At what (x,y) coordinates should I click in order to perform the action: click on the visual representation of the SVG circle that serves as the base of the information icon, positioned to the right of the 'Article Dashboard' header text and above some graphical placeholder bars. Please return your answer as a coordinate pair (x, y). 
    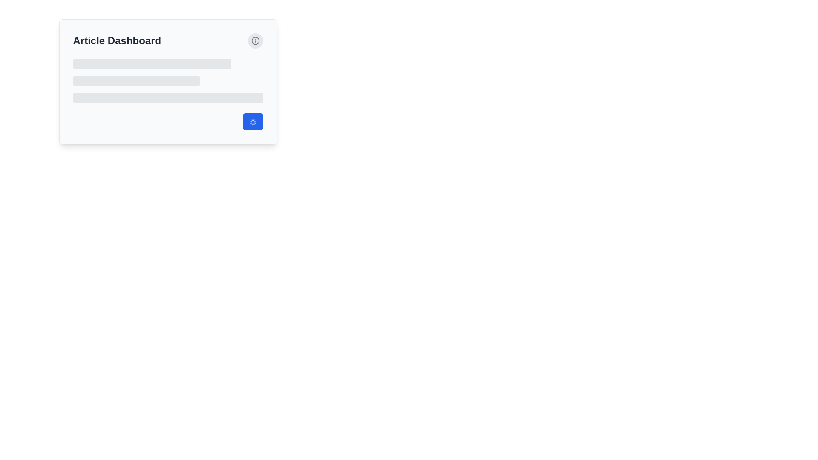
    Looking at the image, I should click on (255, 41).